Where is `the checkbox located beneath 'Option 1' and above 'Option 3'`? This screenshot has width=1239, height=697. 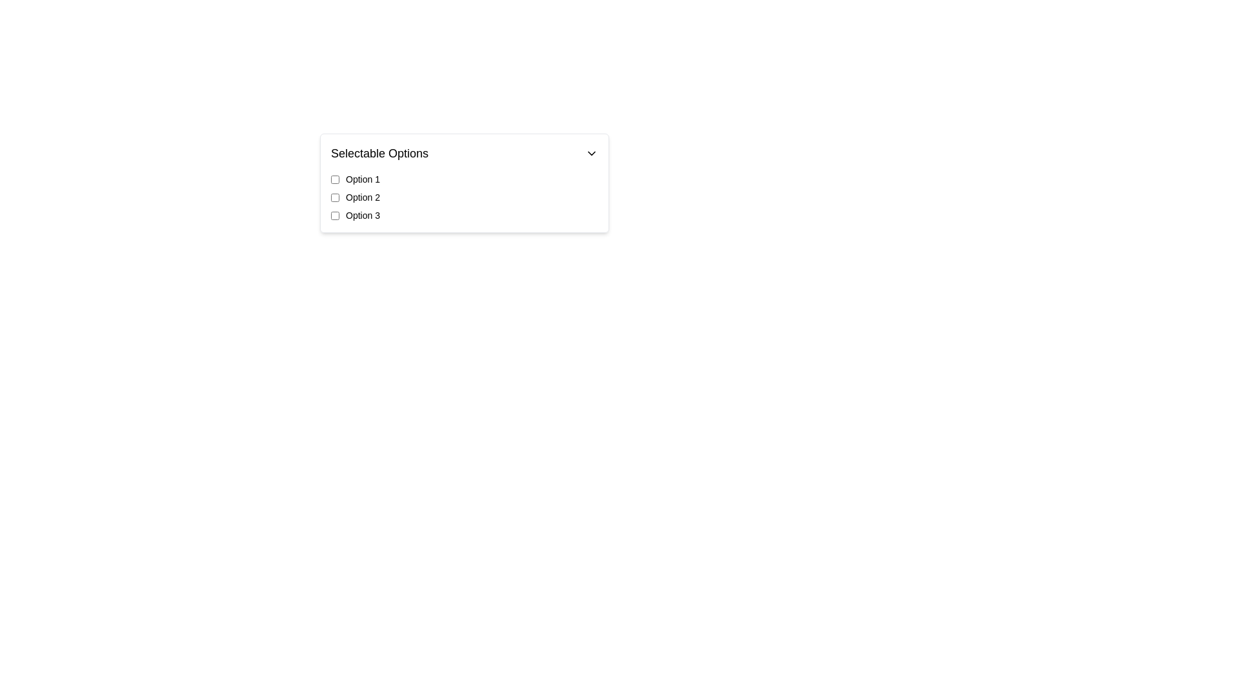
the checkbox located beneath 'Option 1' and above 'Option 3' is located at coordinates (465, 197).